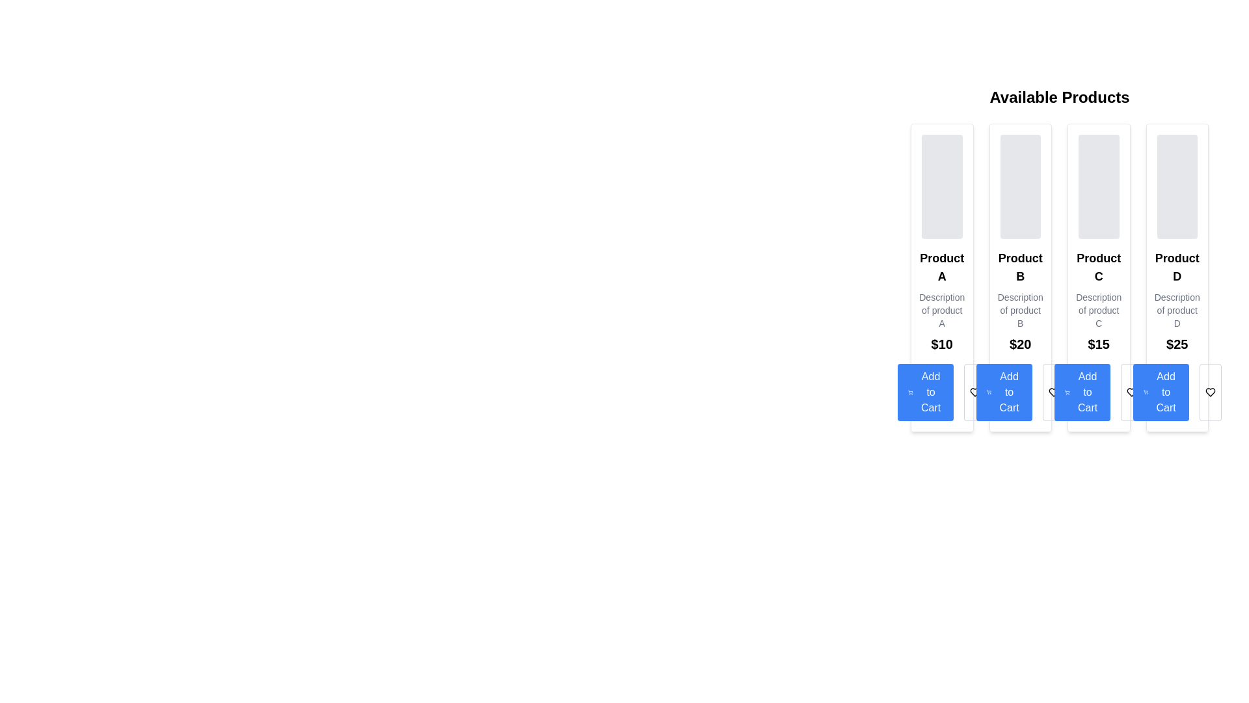 The width and height of the screenshot is (1249, 703). What do you see at coordinates (942, 343) in the screenshot?
I see `bold text displaying '$10' that is positioned below the description text of 'Product A' and above the 'Add to Cart' button` at bounding box center [942, 343].